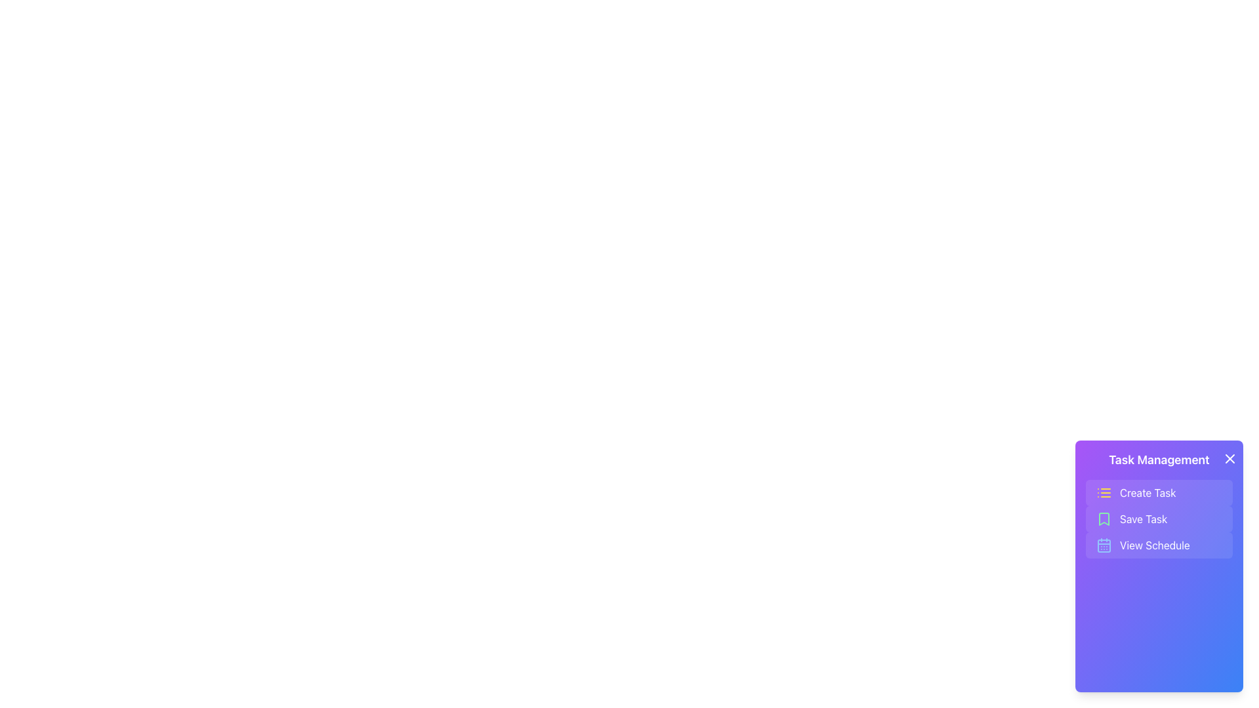  Describe the element at coordinates (1159, 566) in the screenshot. I see `the Control Panel located in the bottom-right of the interface` at that location.